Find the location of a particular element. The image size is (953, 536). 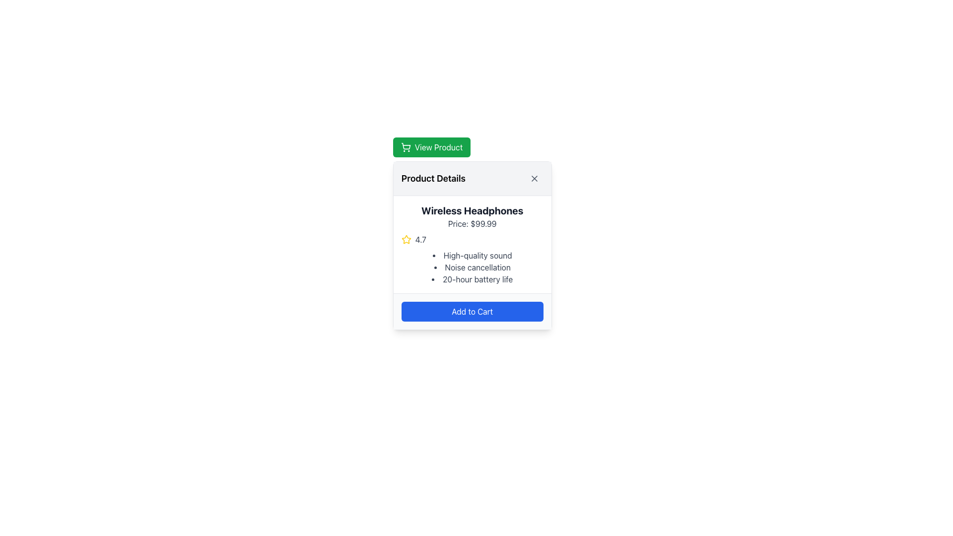

the star icon, which is styled with a yellow fill and a black outline, representing ratings or favorites in the product details popup box is located at coordinates (406, 239).